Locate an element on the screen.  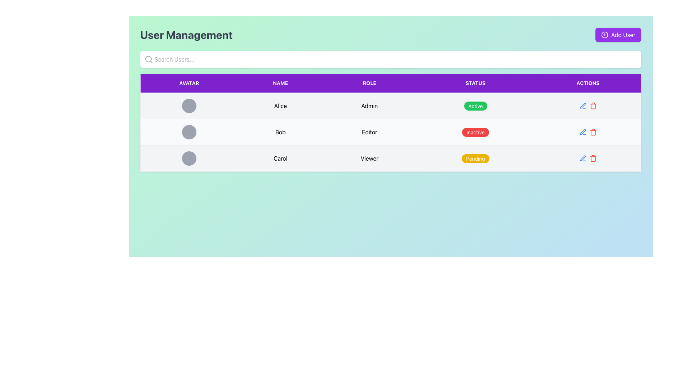
the circular avatar placeholder filled with gray color in the row associated with 'Carol' located in the third row under the 'Avatar' column is located at coordinates (189, 158).